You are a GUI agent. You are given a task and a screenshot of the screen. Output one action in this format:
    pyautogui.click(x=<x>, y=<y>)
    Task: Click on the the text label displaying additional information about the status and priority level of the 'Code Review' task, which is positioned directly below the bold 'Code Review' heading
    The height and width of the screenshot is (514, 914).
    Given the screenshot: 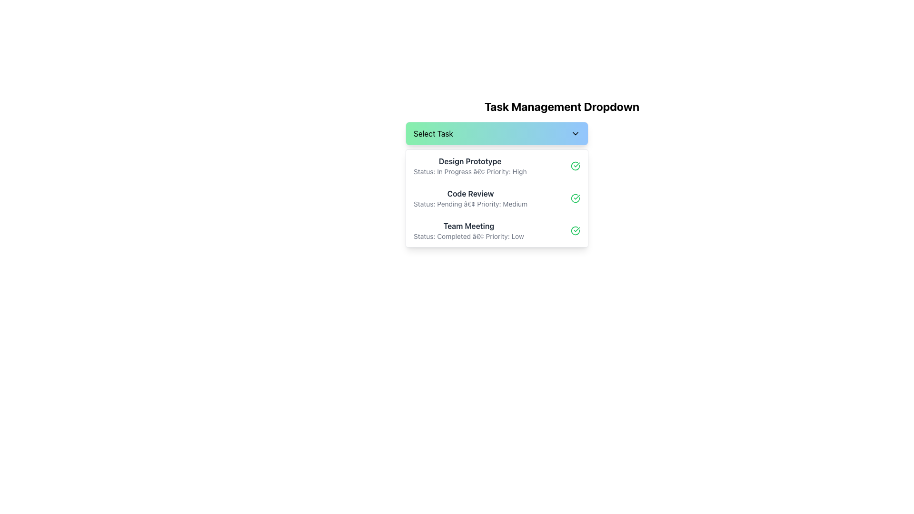 What is the action you would take?
    pyautogui.click(x=470, y=203)
    